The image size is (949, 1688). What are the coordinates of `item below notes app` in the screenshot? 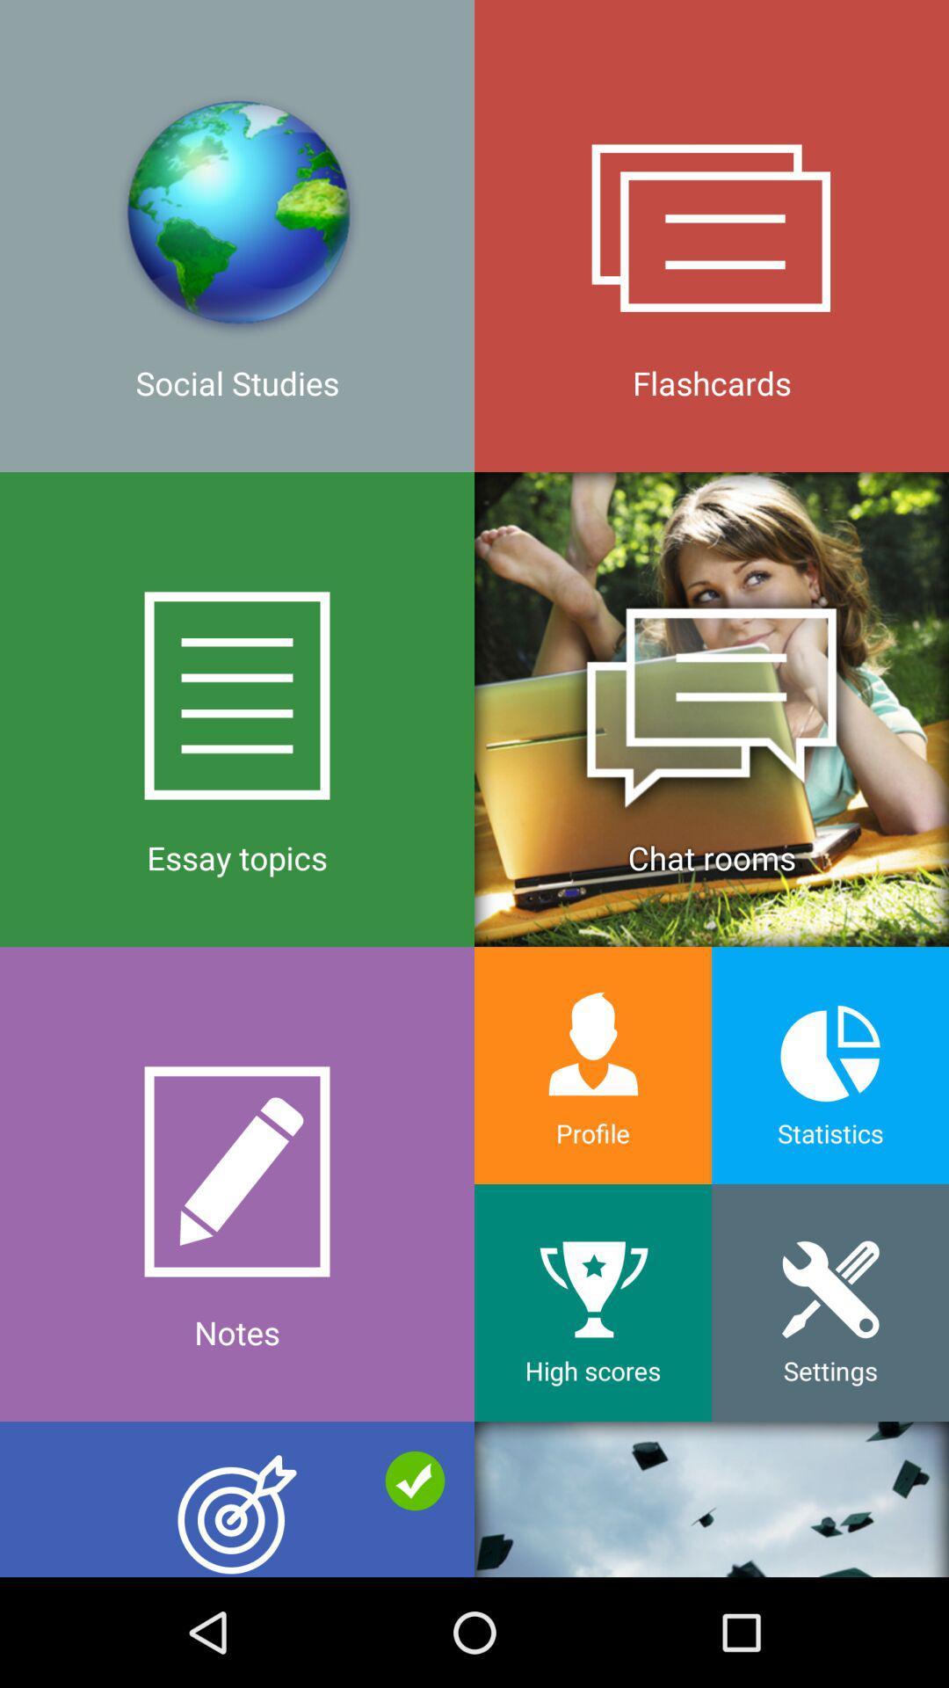 It's located at (712, 1498).